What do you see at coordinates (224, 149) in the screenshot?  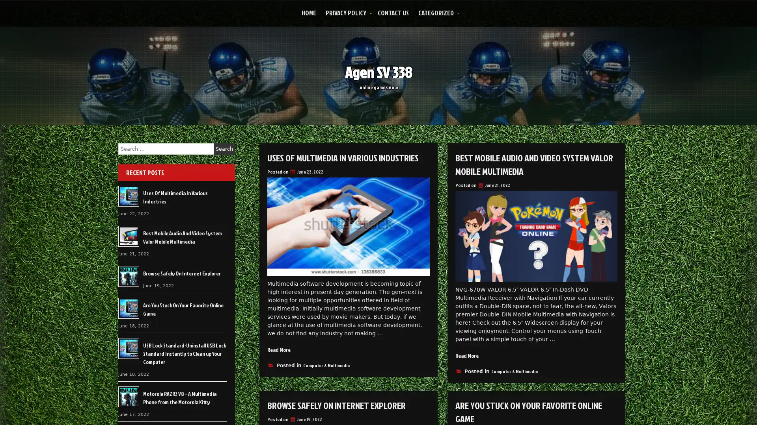 I see `Search` at bounding box center [224, 149].